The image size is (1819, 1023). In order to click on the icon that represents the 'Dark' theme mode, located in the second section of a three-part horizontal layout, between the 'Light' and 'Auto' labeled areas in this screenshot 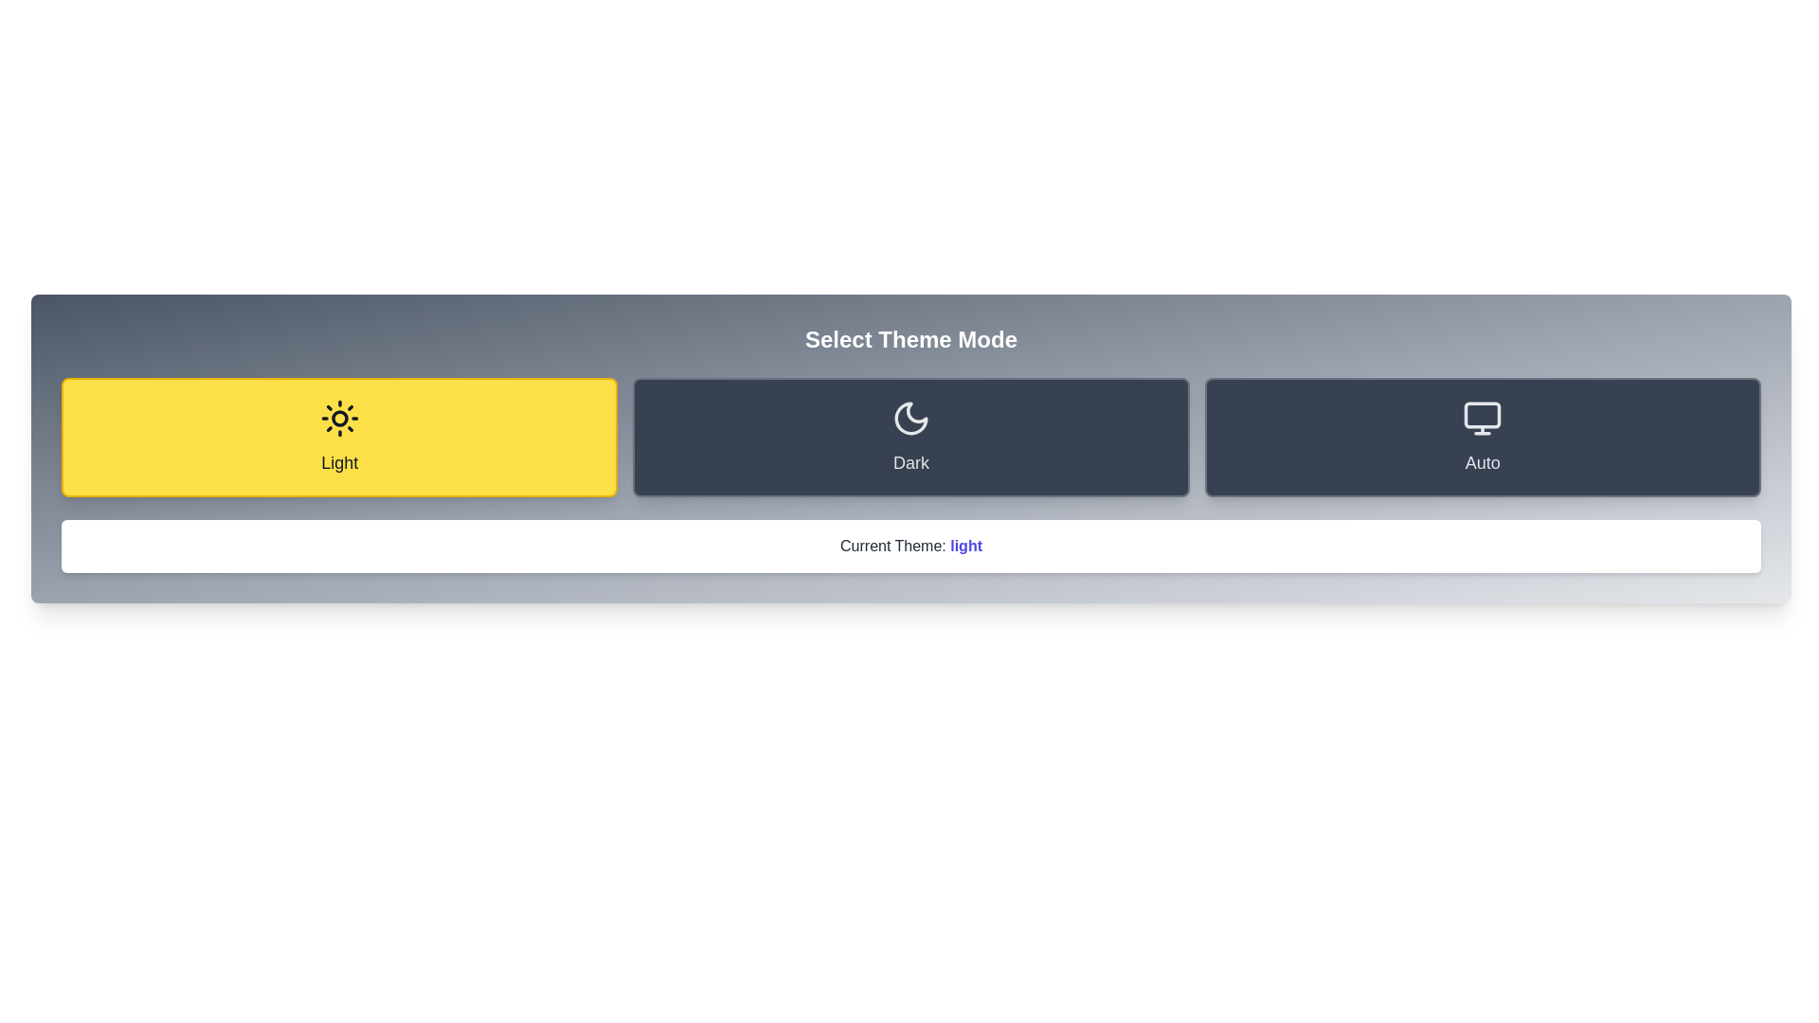, I will do `click(910, 418)`.